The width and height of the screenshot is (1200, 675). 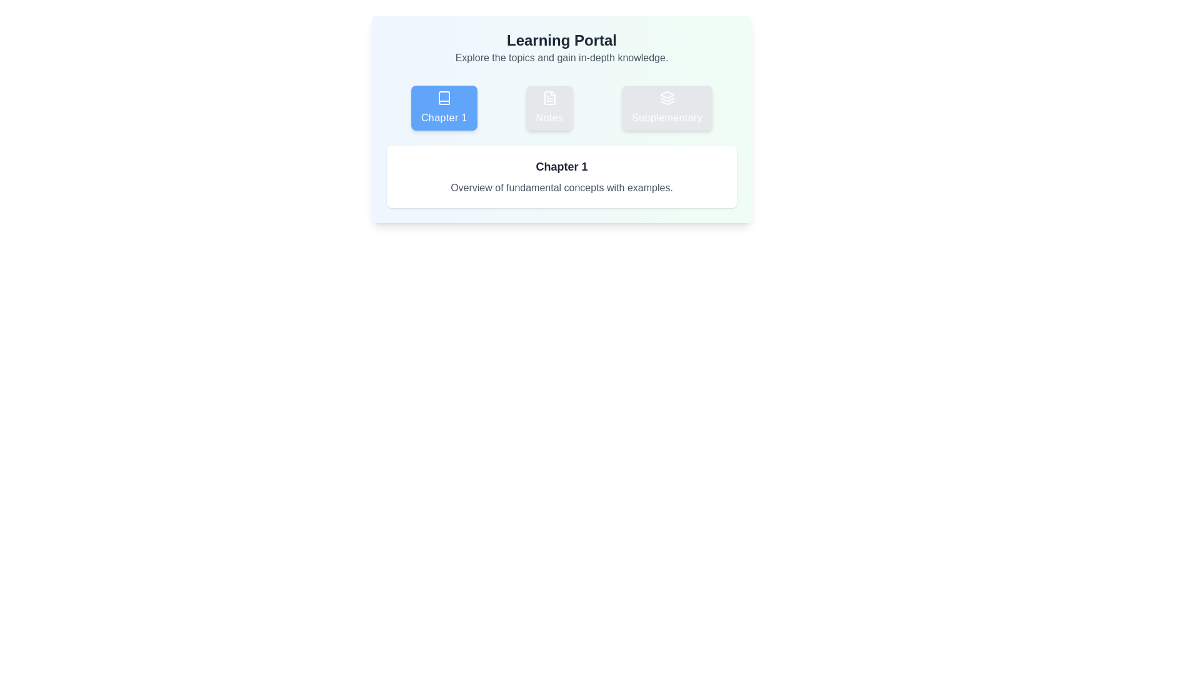 I want to click on the blue rounded rectangular button displaying 'Chapter 1', so click(x=444, y=118).